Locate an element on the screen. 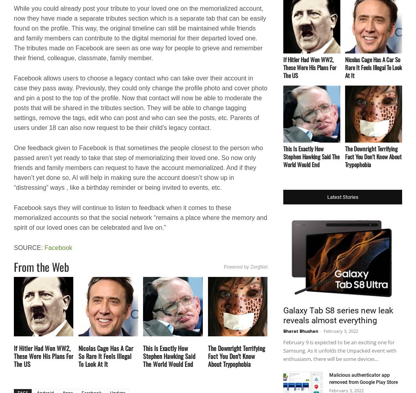 The height and width of the screenshot is (393, 416). 'February 3, 2022' is located at coordinates (341, 330).